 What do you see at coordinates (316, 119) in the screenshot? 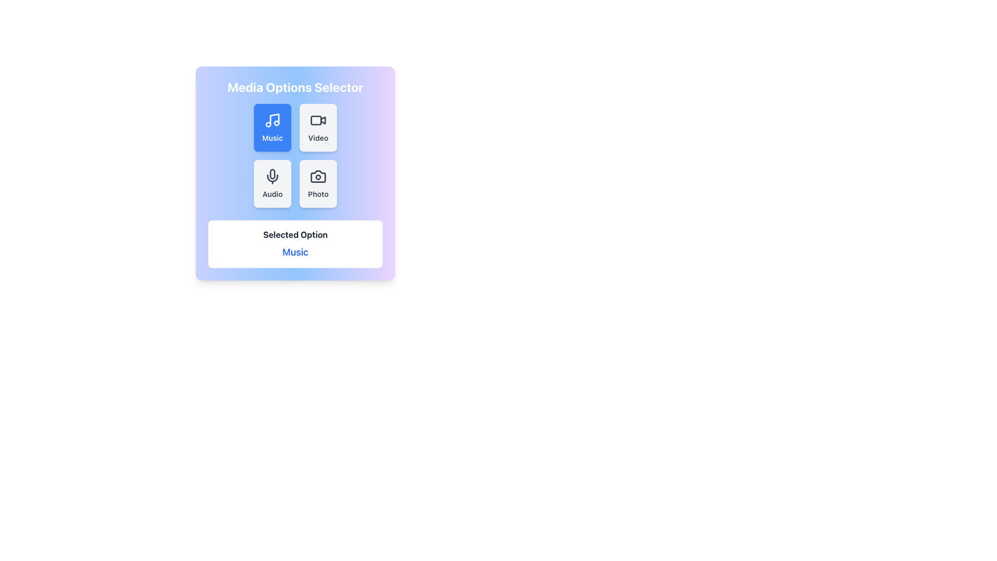
I see `the video camera icon component, which is a rectangle with rounded corners located above the 'Video' text label` at bounding box center [316, 119].